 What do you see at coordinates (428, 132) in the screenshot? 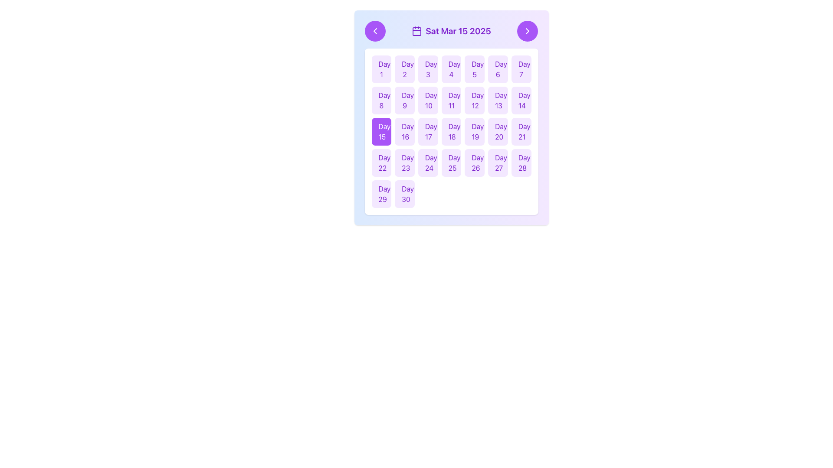
I see `the 'Day 17' button in the calendar interface` at bounding box center [428, 132].